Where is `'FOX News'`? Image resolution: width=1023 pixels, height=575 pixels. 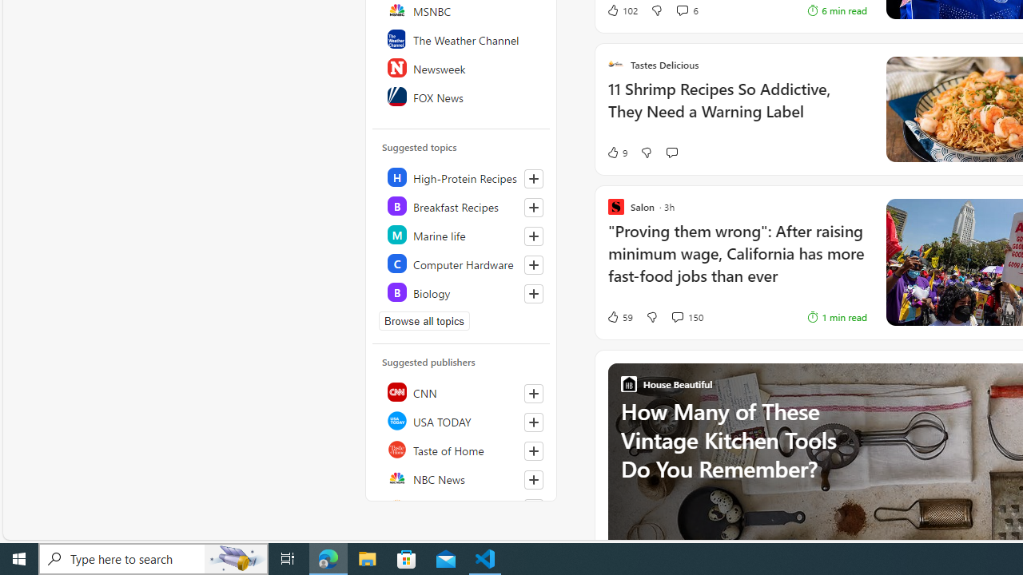
'FOX News' is located at coordinates (461, 96).